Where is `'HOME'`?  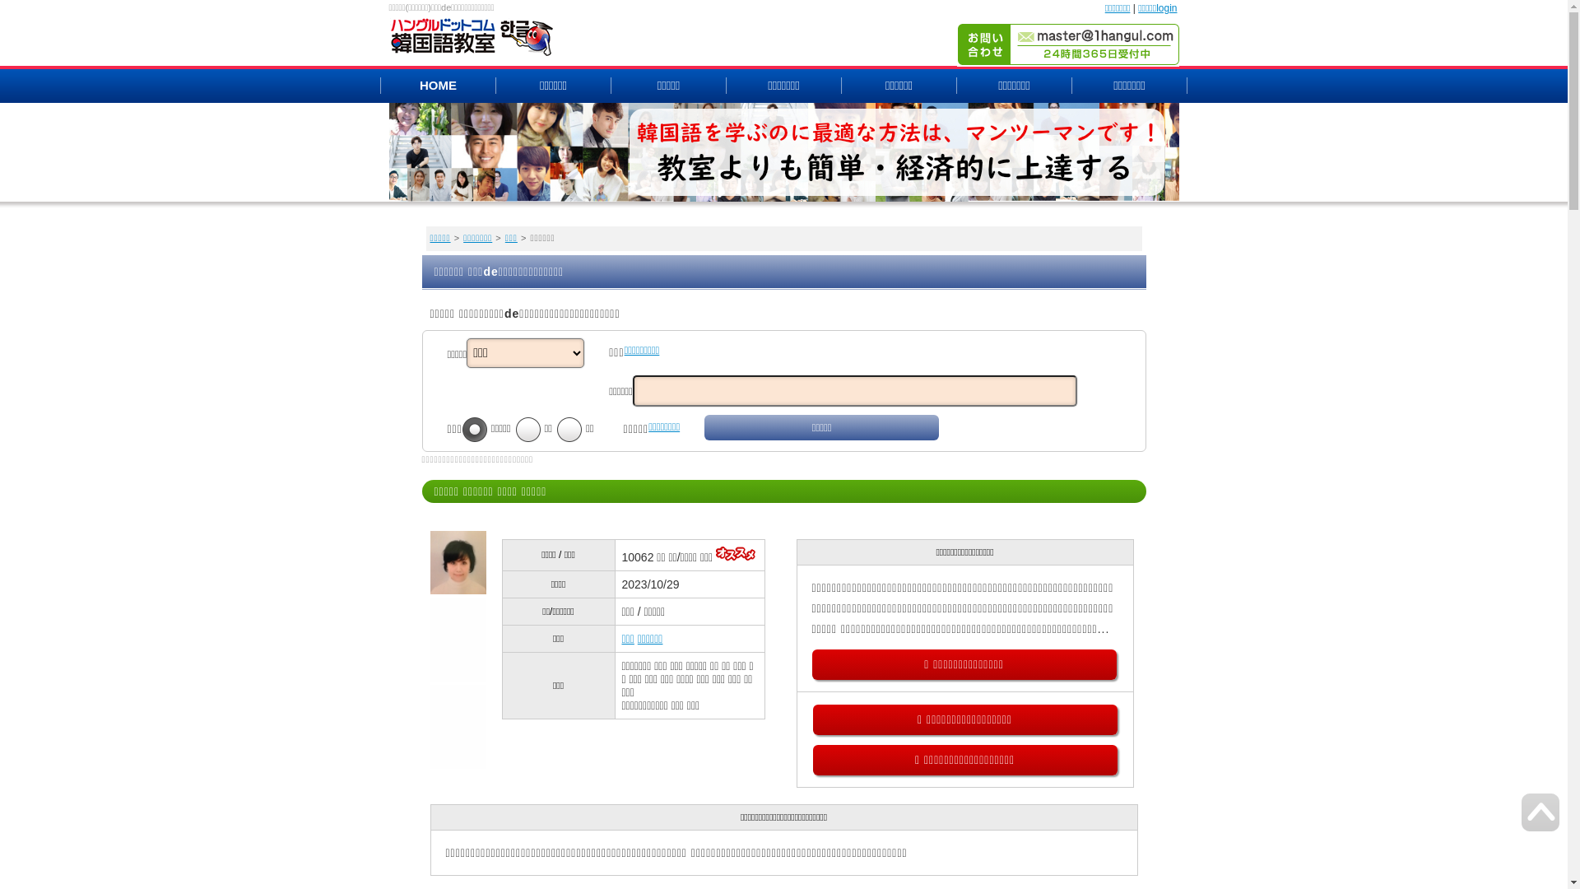
'HOME' is located at coordinates (379, 84).